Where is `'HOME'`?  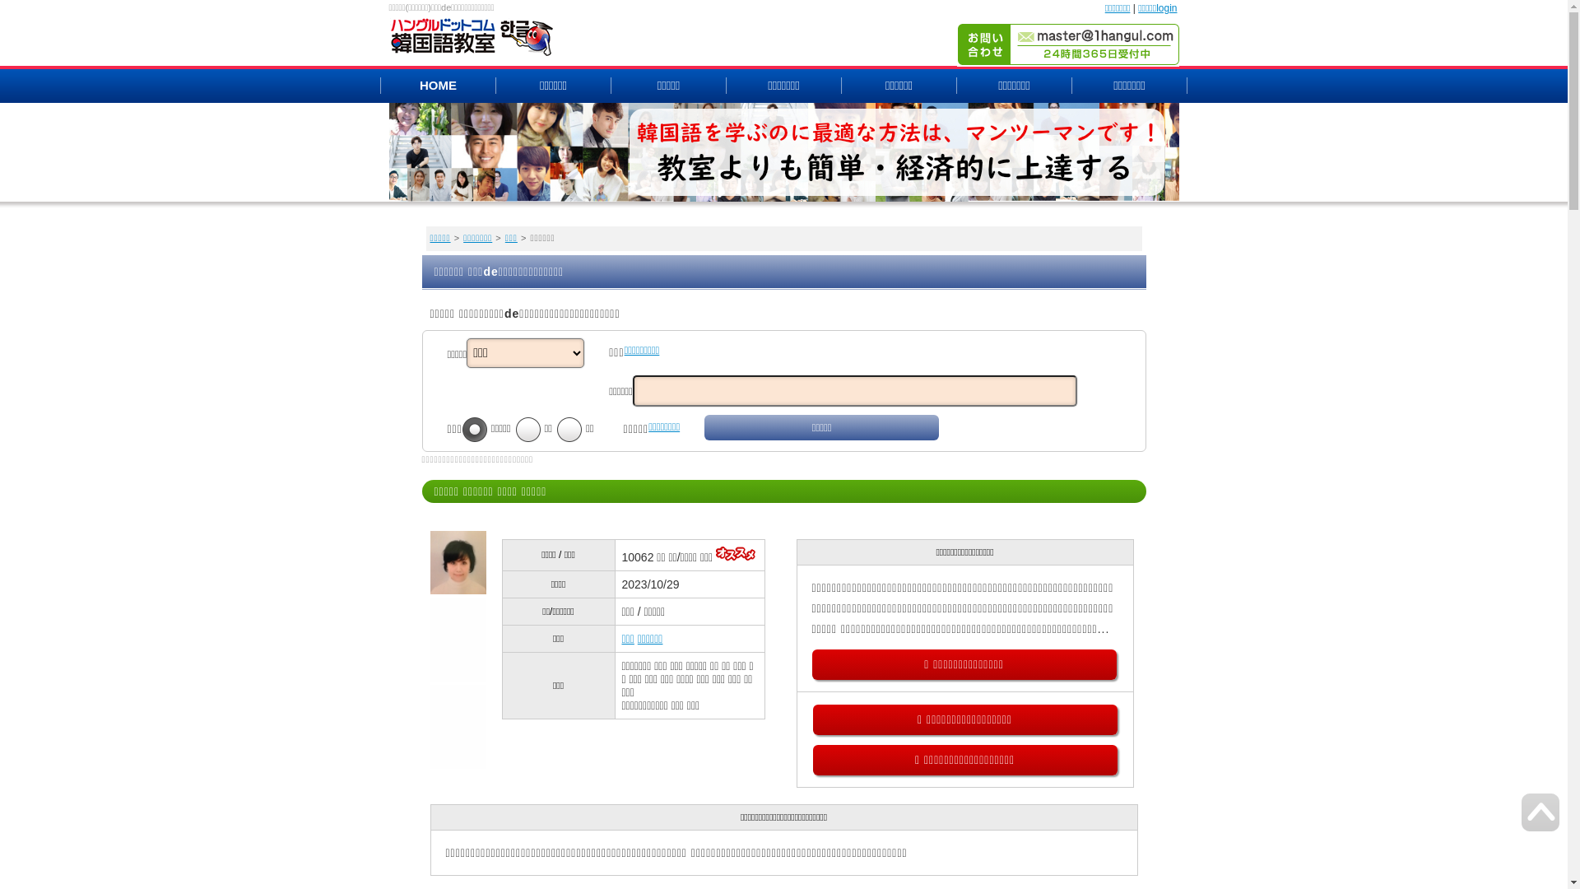
'HOME' is located at coordinates (379, 84).